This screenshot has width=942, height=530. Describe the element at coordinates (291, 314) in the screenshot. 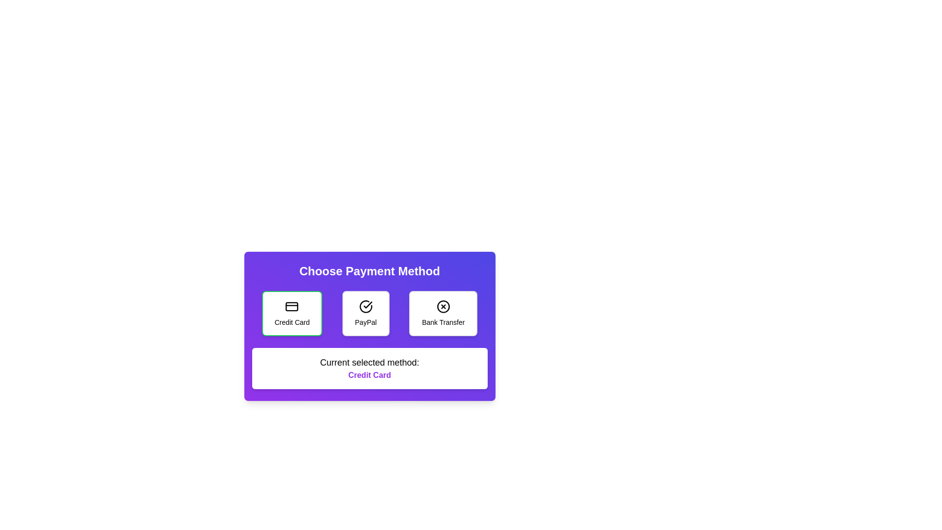

I see `the button corresponding to the payment method Credit Card` at that location.